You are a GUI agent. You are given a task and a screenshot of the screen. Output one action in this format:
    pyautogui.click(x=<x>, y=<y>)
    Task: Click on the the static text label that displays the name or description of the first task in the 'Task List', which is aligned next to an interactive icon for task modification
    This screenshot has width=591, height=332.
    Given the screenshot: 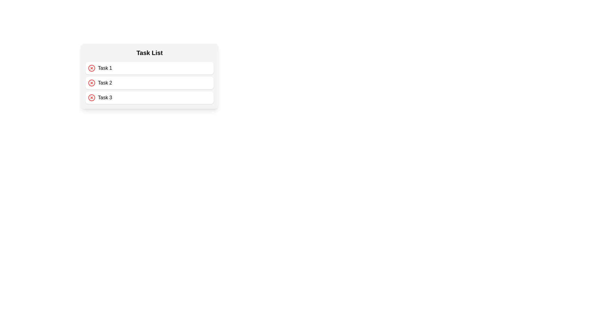 What is the action you would take?
    pyautogui.click(x=105, y=68)
    